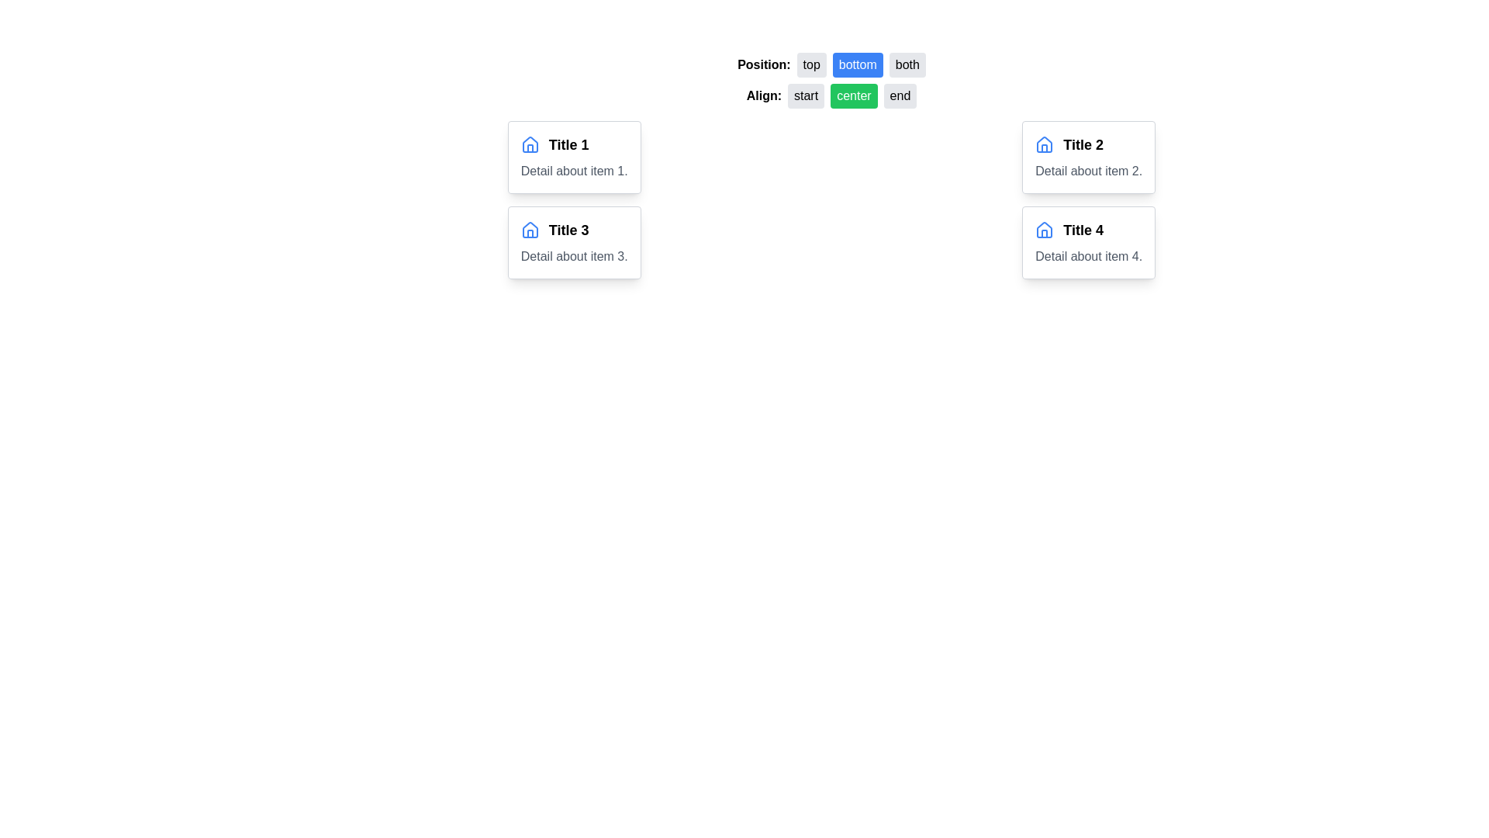 Image resolution: width=1489 pixels, height=838 pixels. Describe the element at coordinates (1088, 256) in the screenshot. I see `the text element reading 'Detail about item 4.' styled in gray font, located beneath the header 'Title 4' within the fourth card component` at that location.